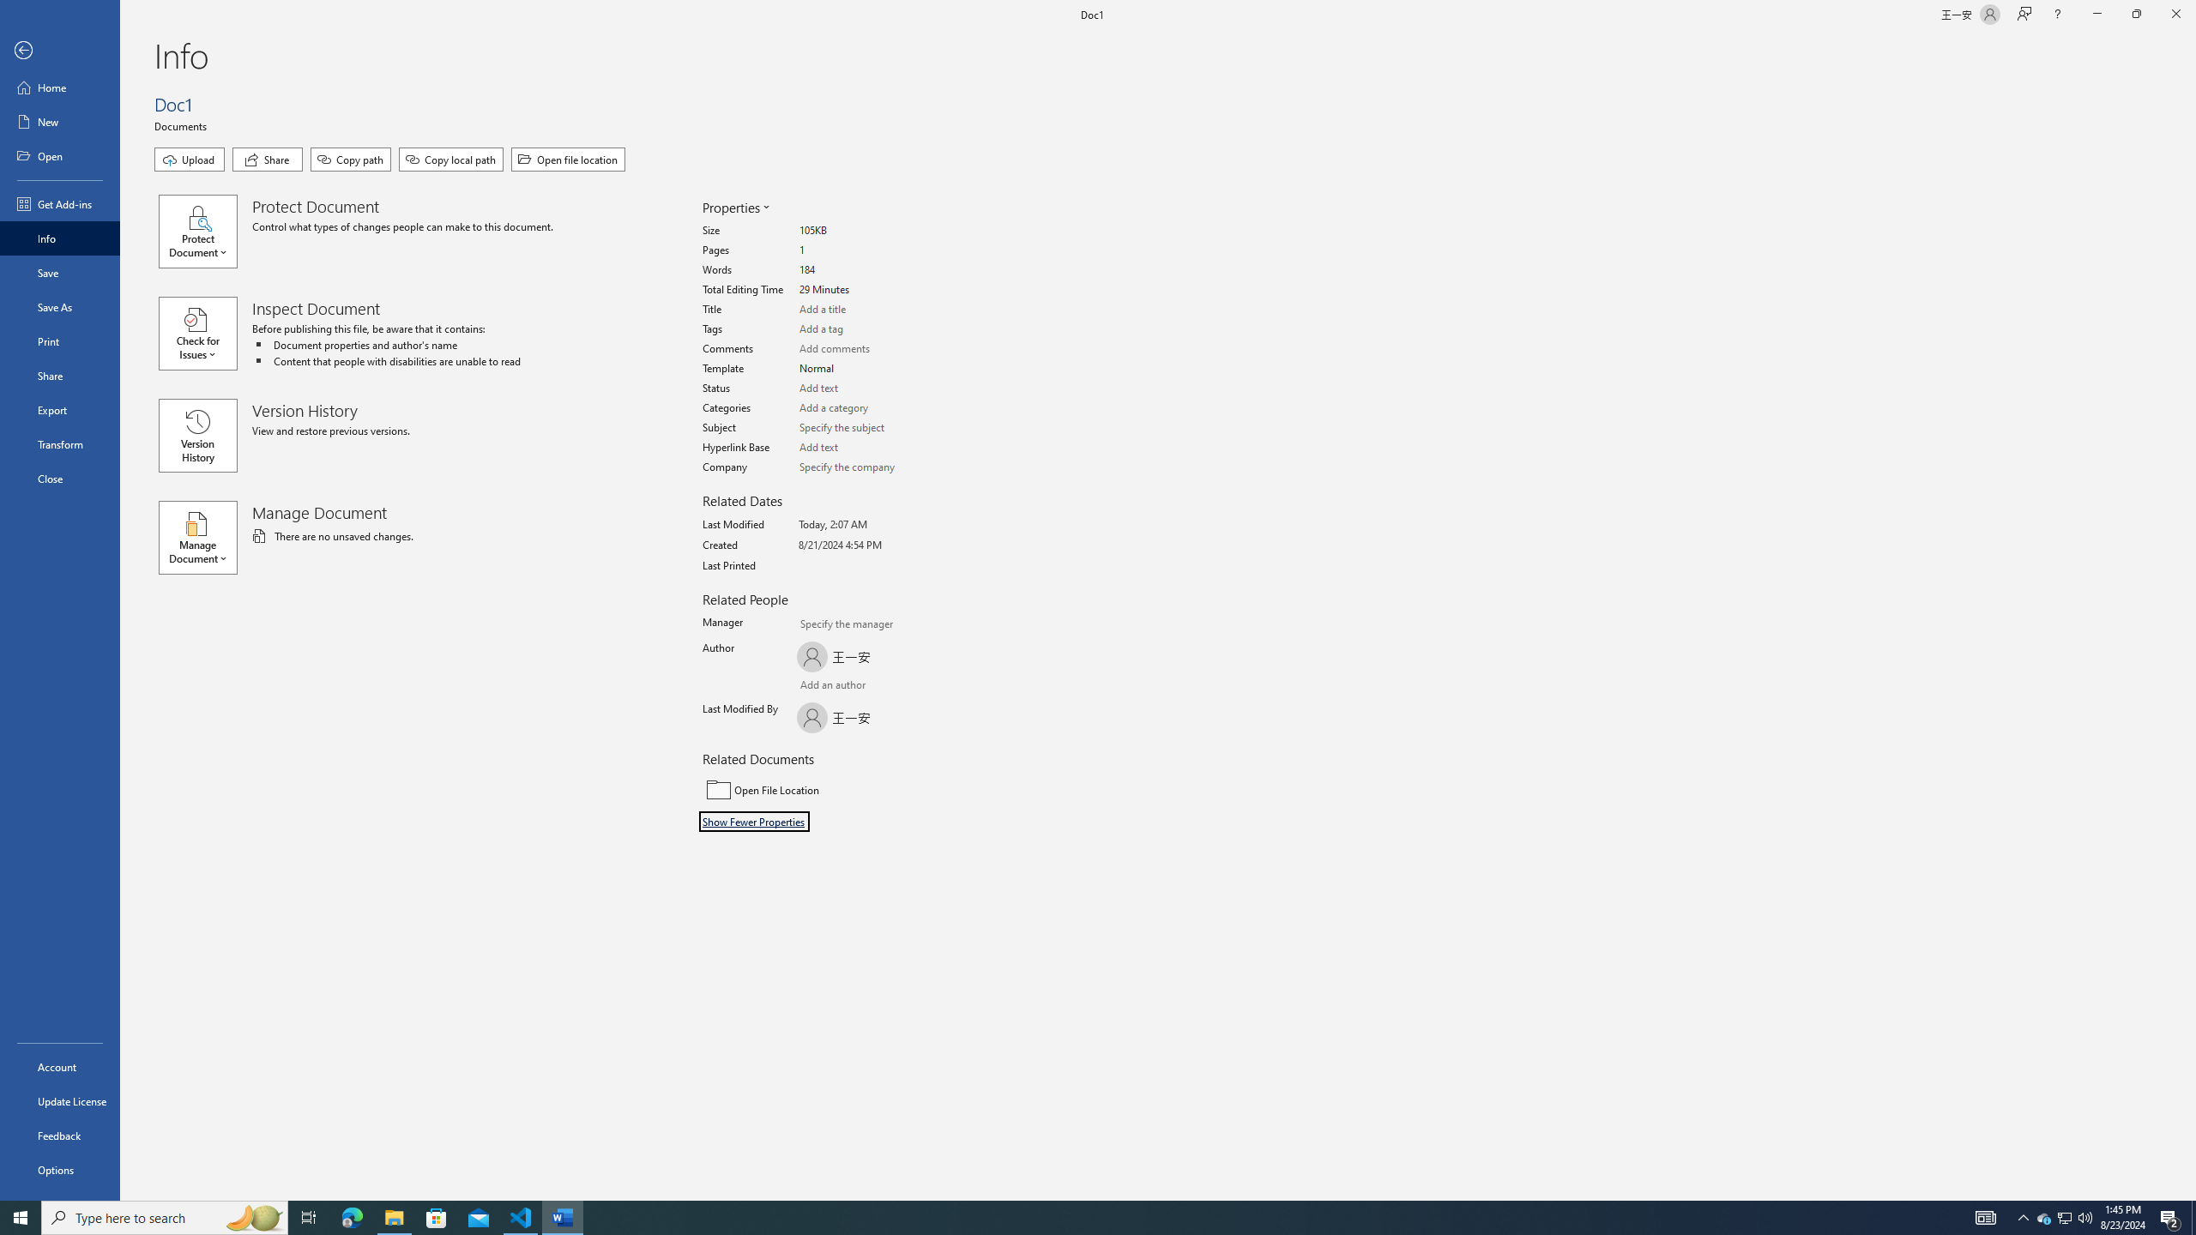  Describe the element at coordinates (59, 1169) in the screenshot. I see `'Options'` at that location.